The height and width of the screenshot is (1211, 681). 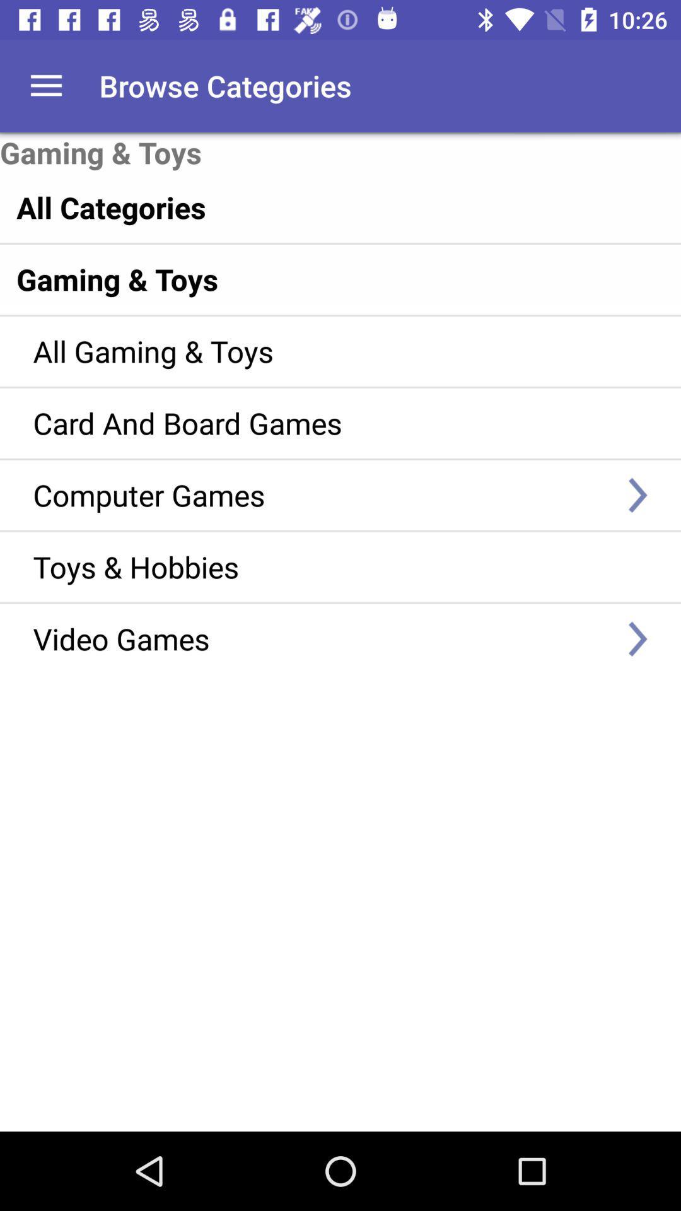 What do you see at coordinates (322, 638) in the screenshot?
I see `the video games` at bounding box center [322, 638].